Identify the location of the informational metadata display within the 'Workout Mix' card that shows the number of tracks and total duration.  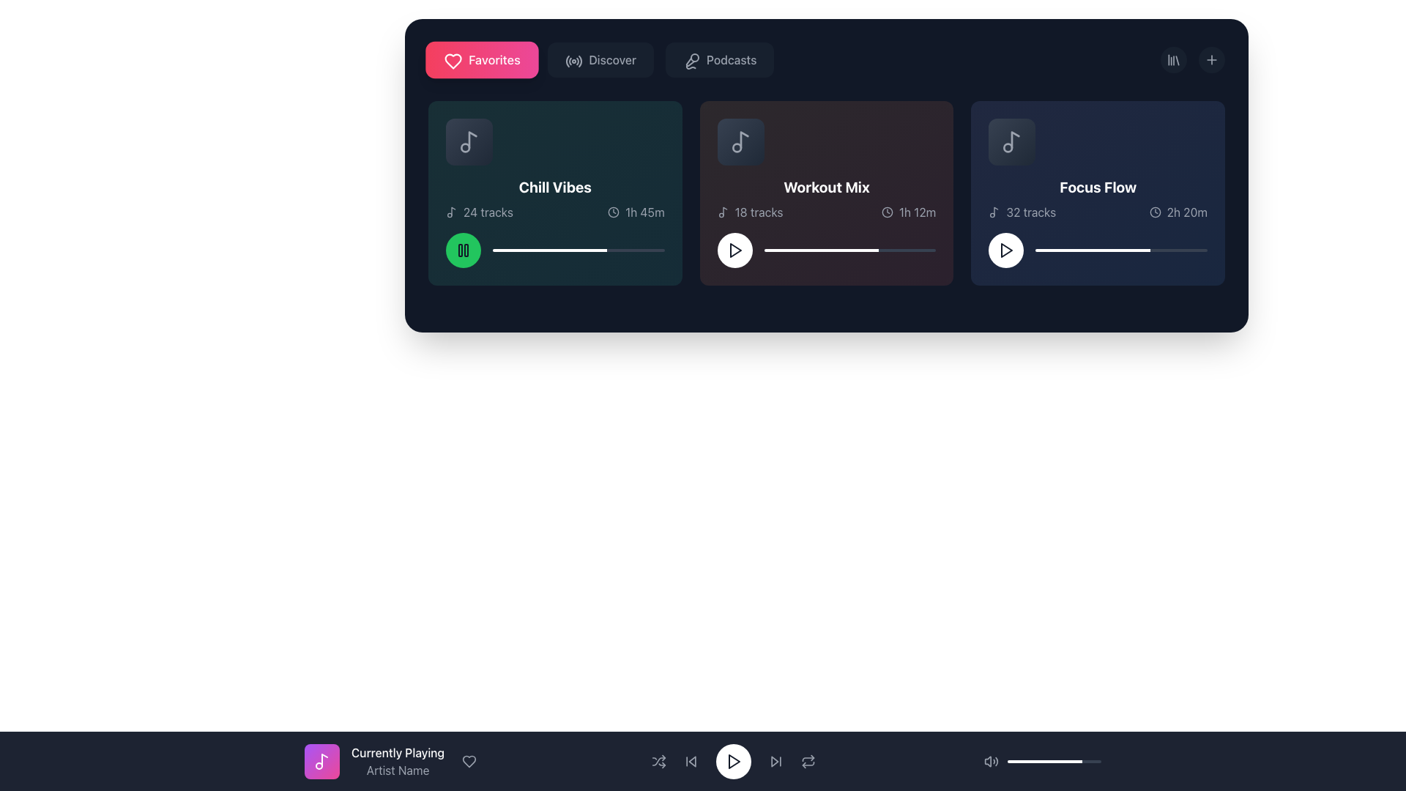
(826, 212).